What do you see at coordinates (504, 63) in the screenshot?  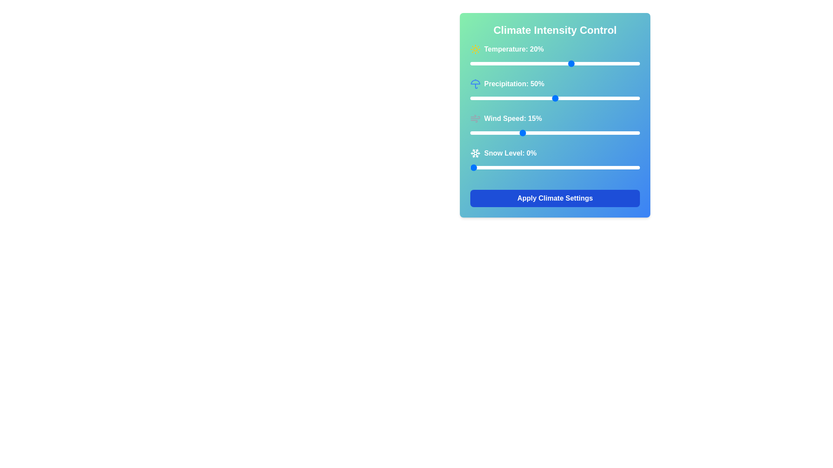 I see `the temperature slider` at bounding box center [504, 63].